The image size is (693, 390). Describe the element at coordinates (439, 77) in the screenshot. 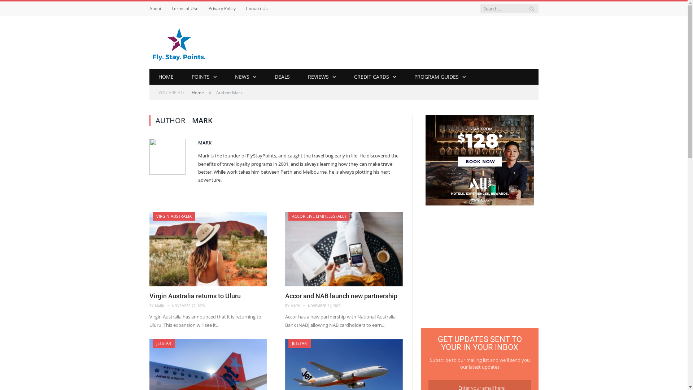

I see `'PROGRAM GUIDES'` at that location.